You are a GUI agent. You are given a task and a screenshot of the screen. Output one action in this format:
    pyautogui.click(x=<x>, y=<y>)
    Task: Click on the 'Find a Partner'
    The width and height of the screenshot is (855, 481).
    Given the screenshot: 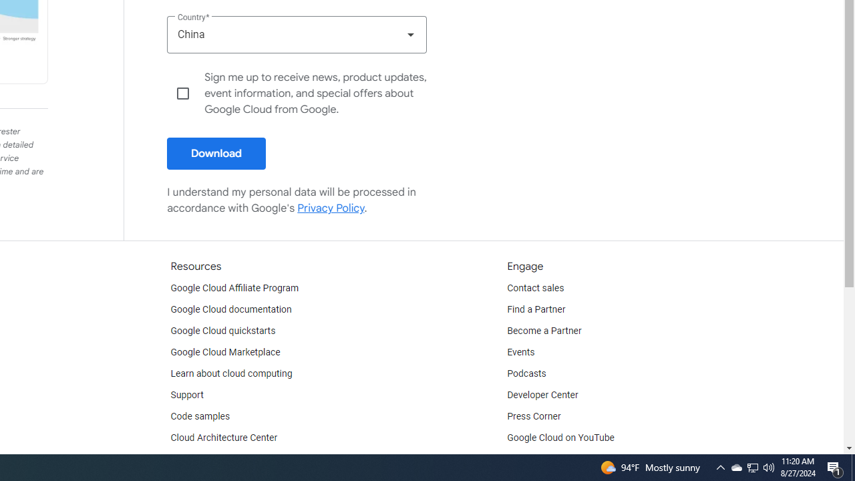 What is the action you would take?
    pyautogui.click(x=536, y=310)
    